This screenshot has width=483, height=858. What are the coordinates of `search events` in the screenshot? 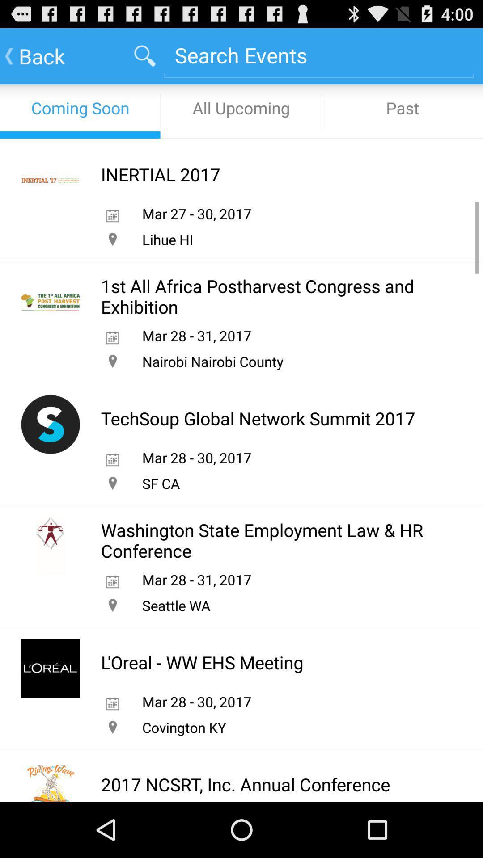 It's located at (318, 55).